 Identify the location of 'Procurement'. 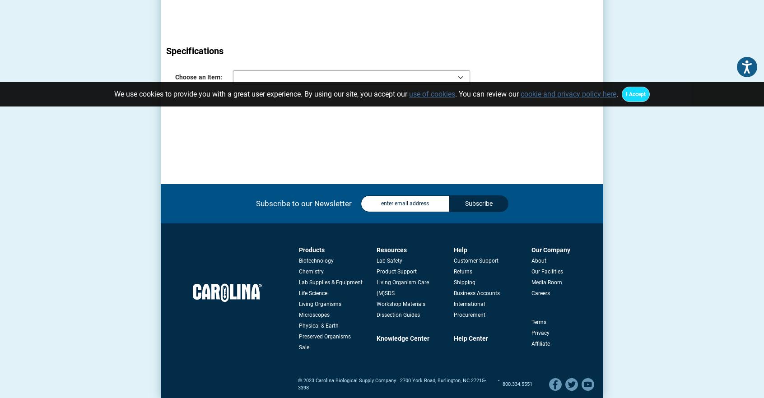
(469, 315).